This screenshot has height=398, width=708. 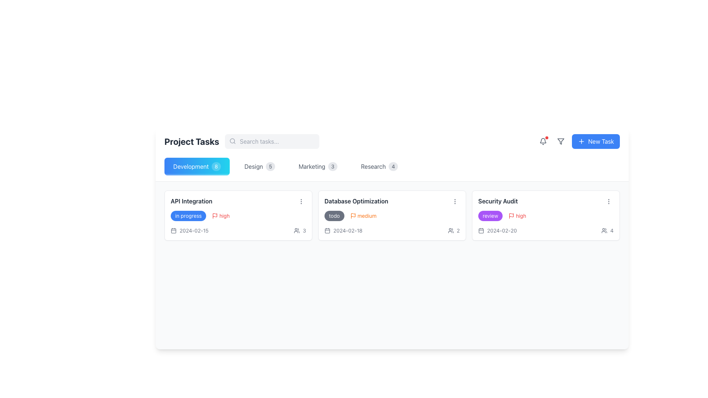 I want to click on the static text displaying the word 'high' in red, which is located next to a red flag icon within the task card labeled 'API Integration', so click(x=224, y=216).